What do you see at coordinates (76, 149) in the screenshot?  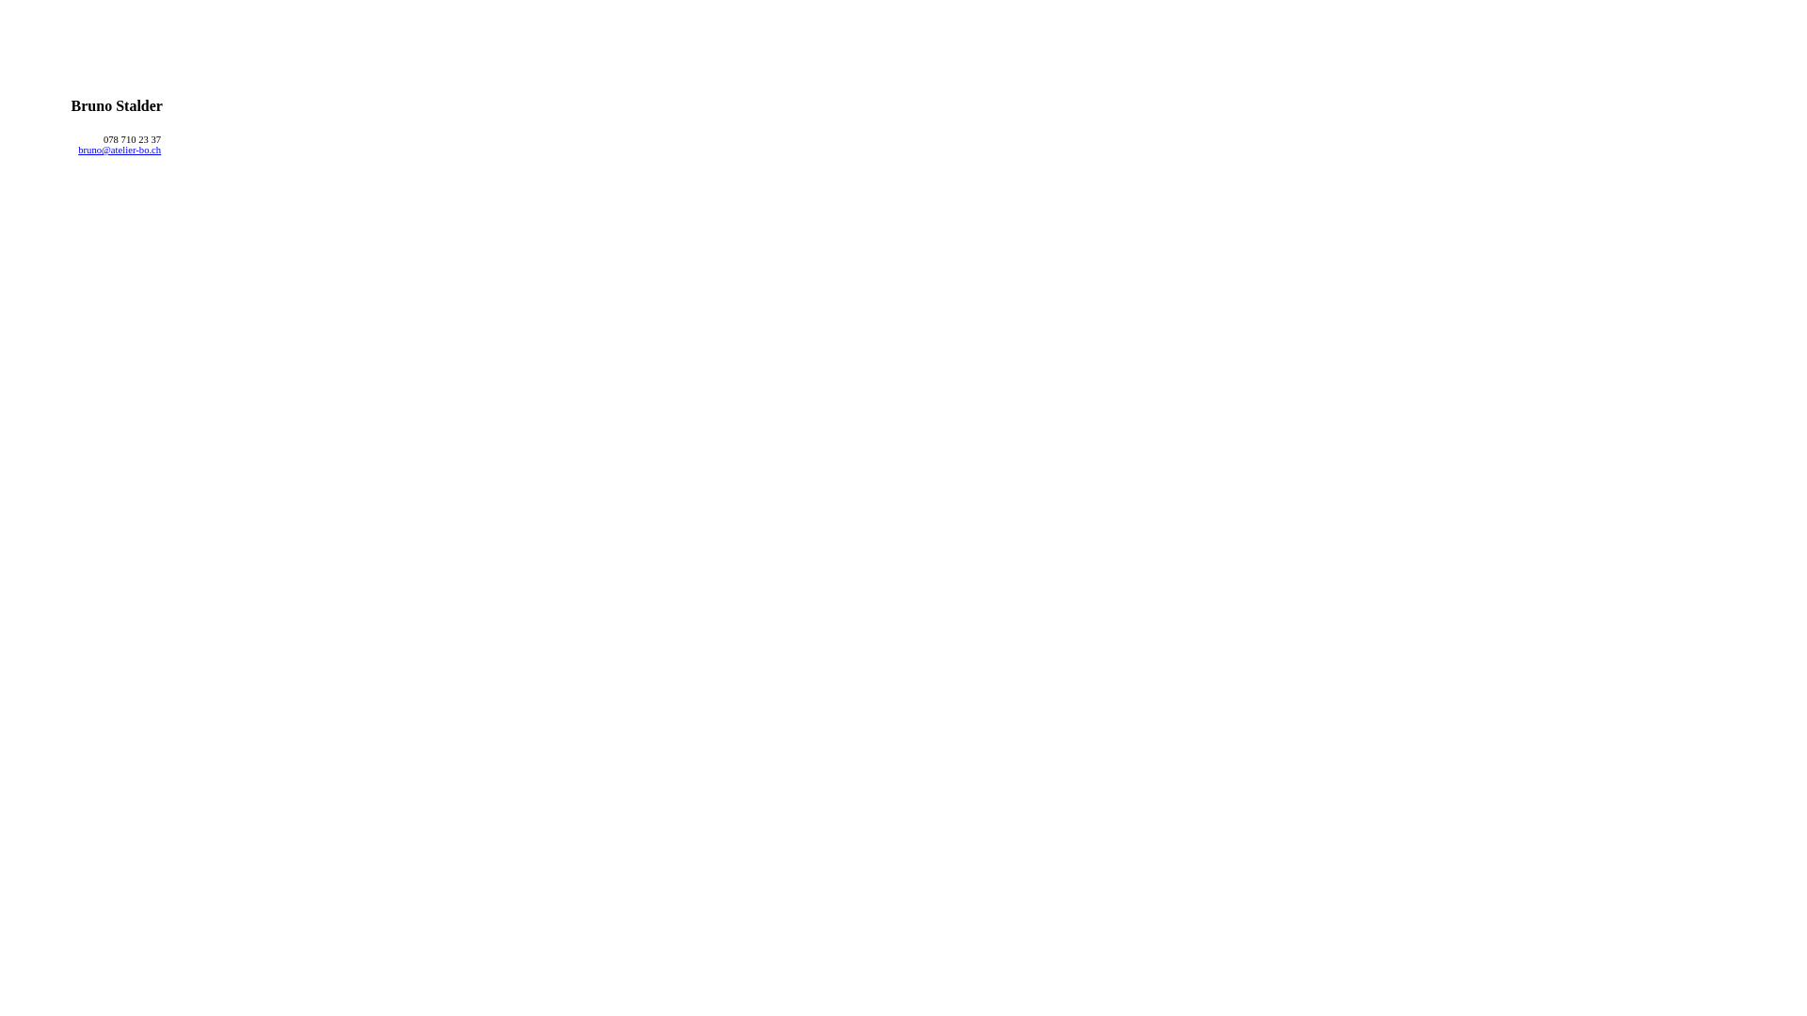 I see `'bruno@atelier-bo.ch'` at bounding box center [76, 149].